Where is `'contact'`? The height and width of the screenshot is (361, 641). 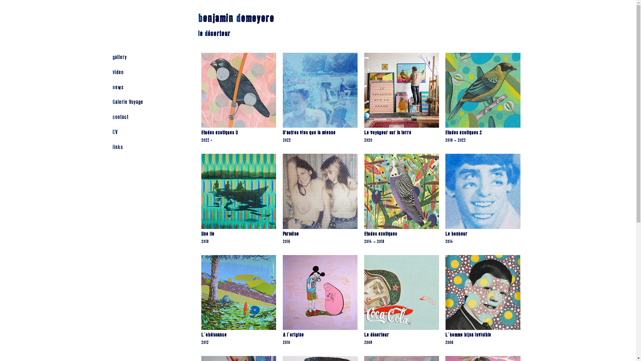 'contact' is located at coordinates (112, 117).